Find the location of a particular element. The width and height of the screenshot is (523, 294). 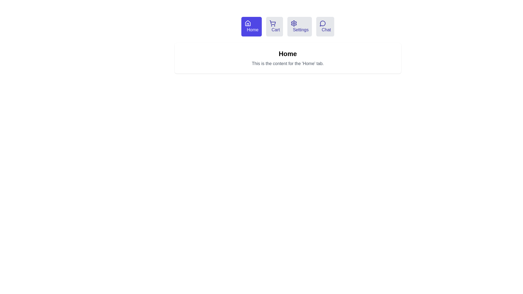

the tab labeled Settings is located at coordinates (299, 26).